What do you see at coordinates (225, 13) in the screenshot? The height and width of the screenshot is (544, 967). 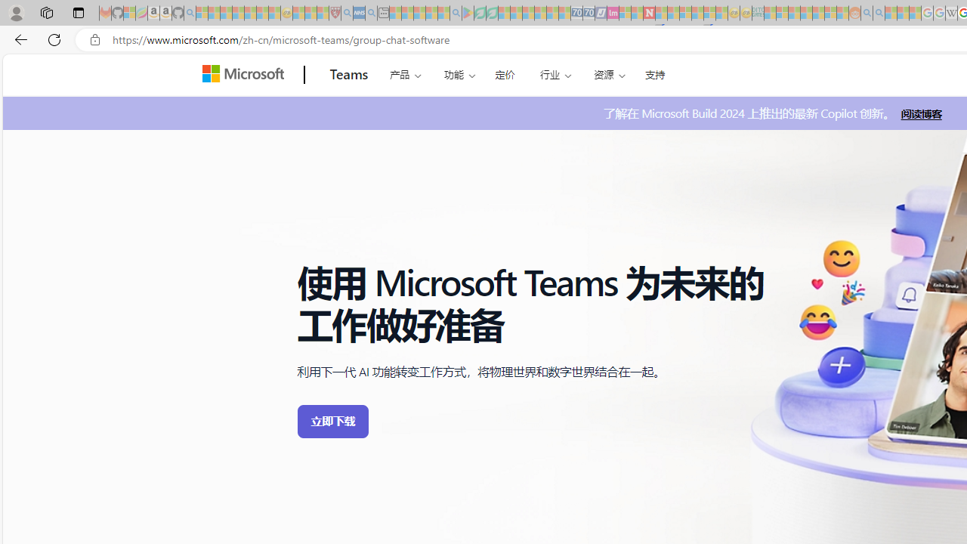 I see `'The Weather Channel - MSN - Sleeping'` at bounding box center [225, 13].